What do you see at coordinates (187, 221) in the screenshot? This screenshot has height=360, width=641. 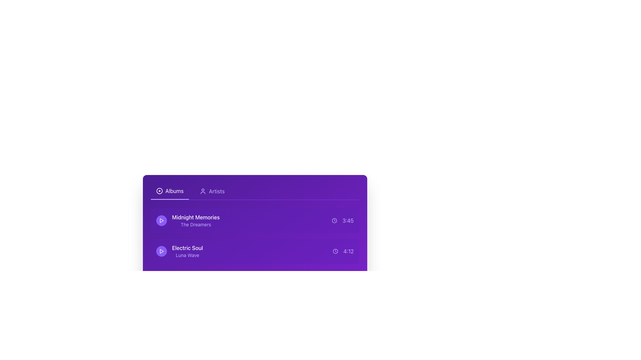 I see `the text label displaying the title and subtitle of the first media item, located to the left of the duration '3:45' and to the right of the play button icon` at bounding box center [187, 221].